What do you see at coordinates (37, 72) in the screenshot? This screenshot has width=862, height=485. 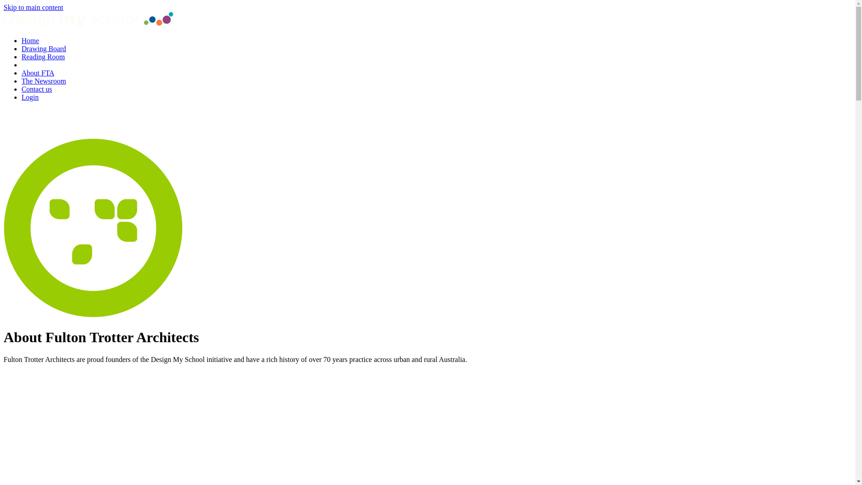 I see `'About FTA'` at bounding box center [37, 72].